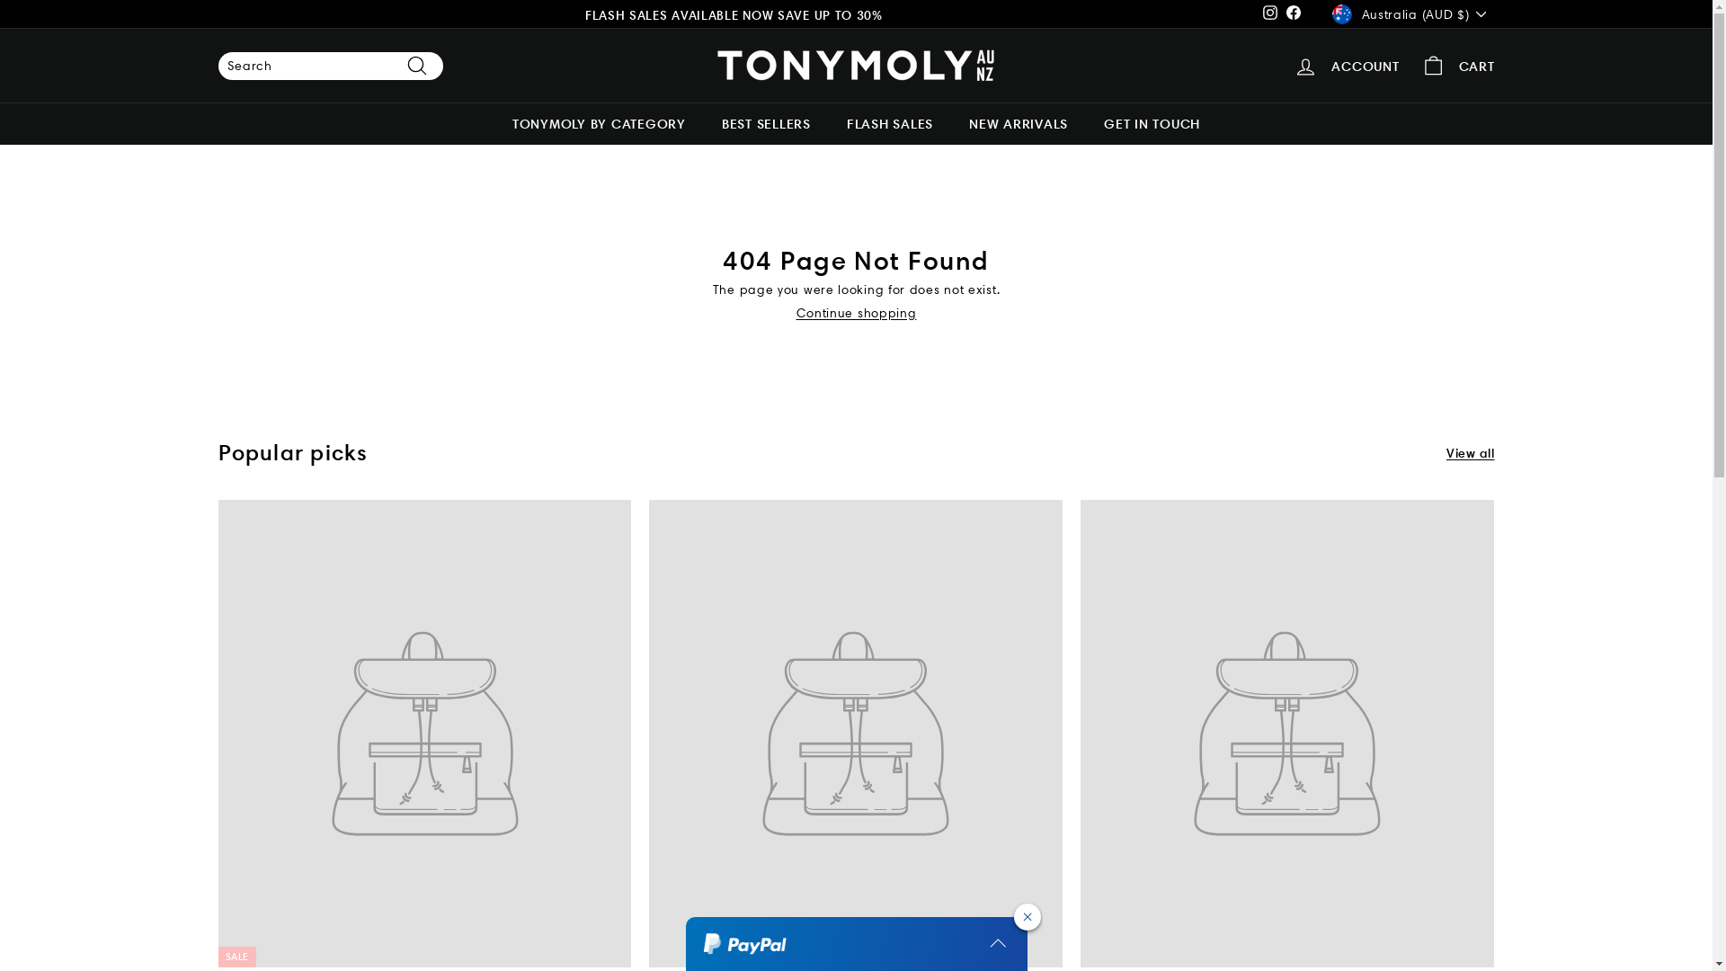 The height and width of the screenshot is (971, 1726). Describe the element at coordinates (889, 122) in the screenshot. I see `'FLASH SALES'` at that location.